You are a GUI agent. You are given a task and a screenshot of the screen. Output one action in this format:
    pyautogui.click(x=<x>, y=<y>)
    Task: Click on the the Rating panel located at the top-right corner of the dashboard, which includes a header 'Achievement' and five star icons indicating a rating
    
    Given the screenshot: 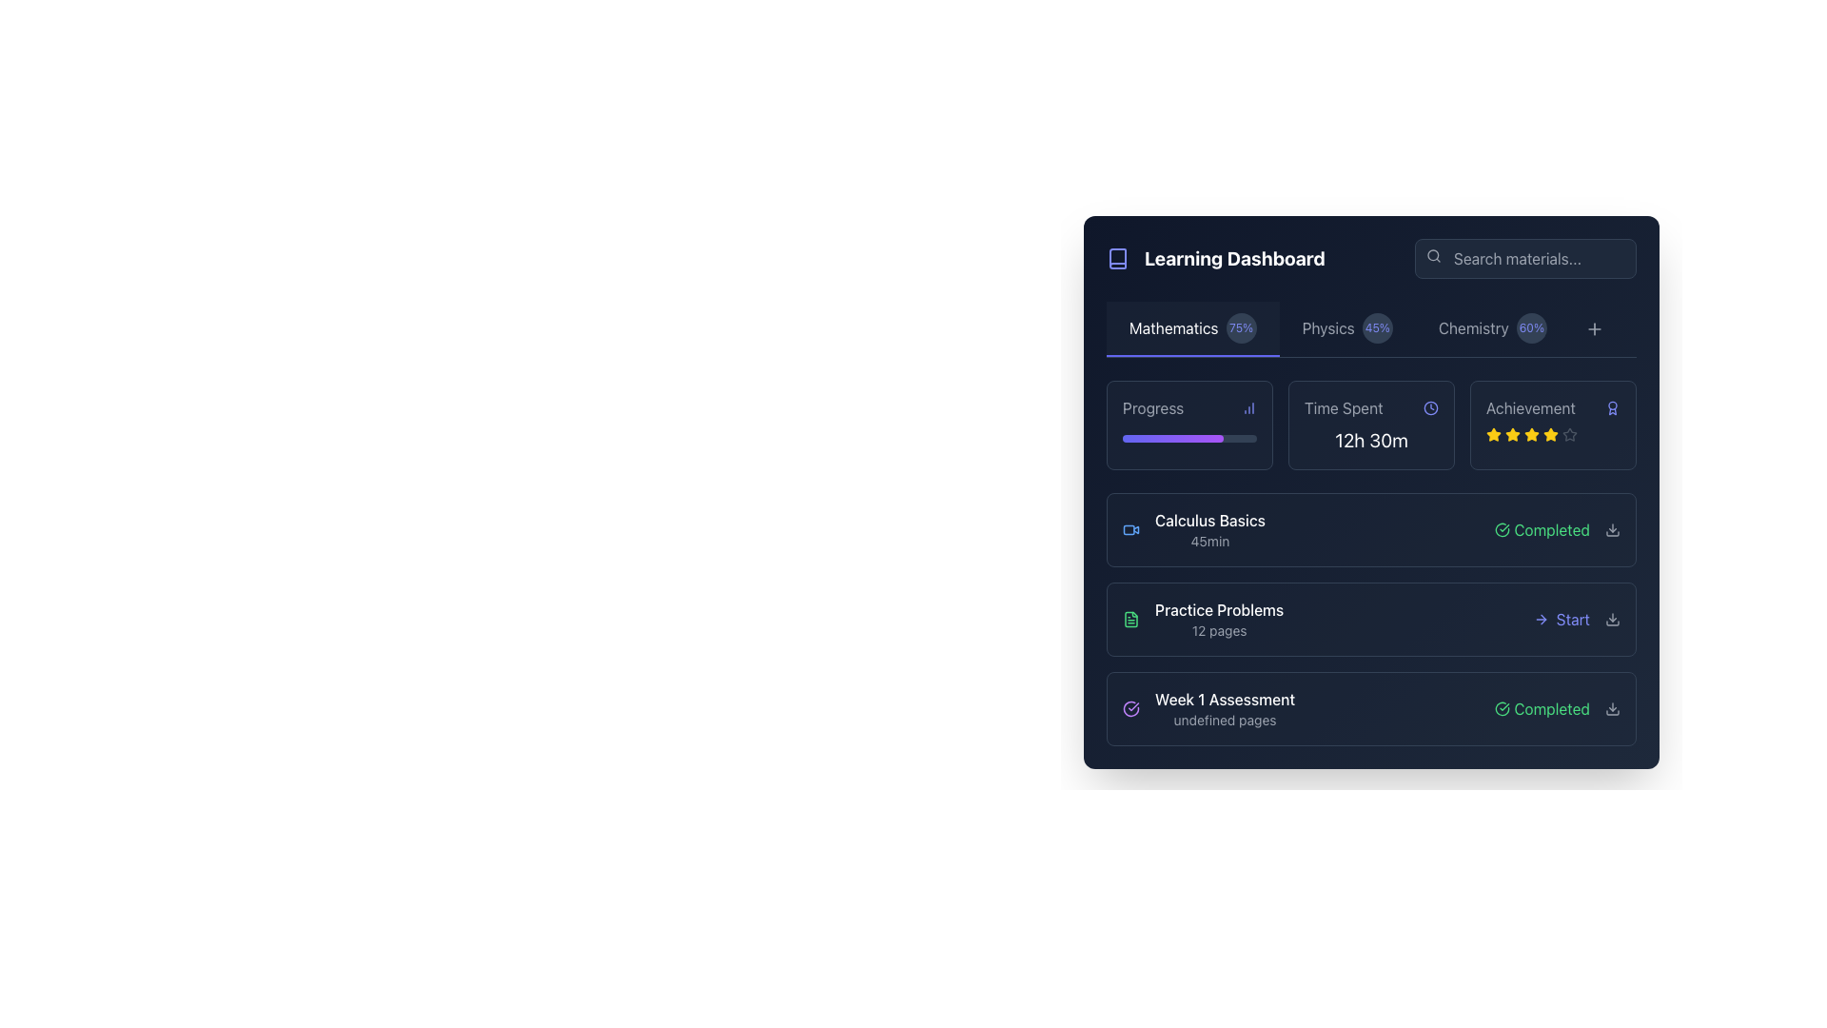 What is the action you would take?
    pyautogui.click(x=1553, y=425)
    